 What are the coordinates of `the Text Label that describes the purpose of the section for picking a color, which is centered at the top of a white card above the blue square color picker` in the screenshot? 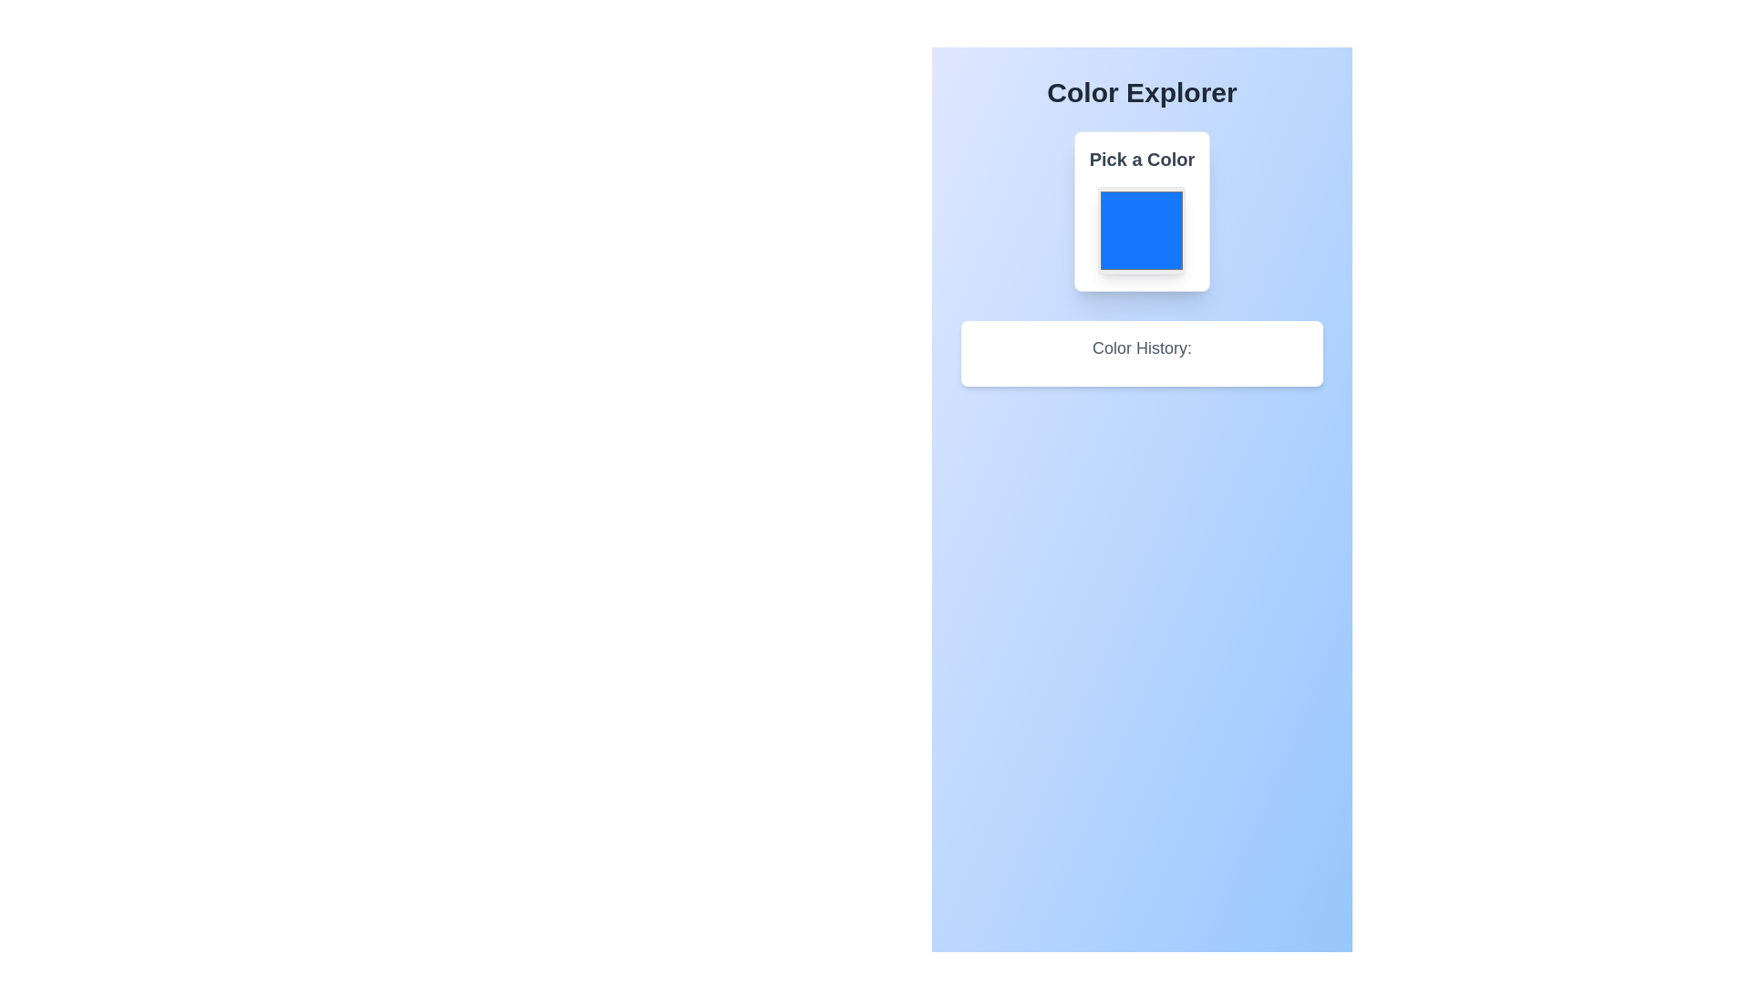 It's located at (1141, 158).